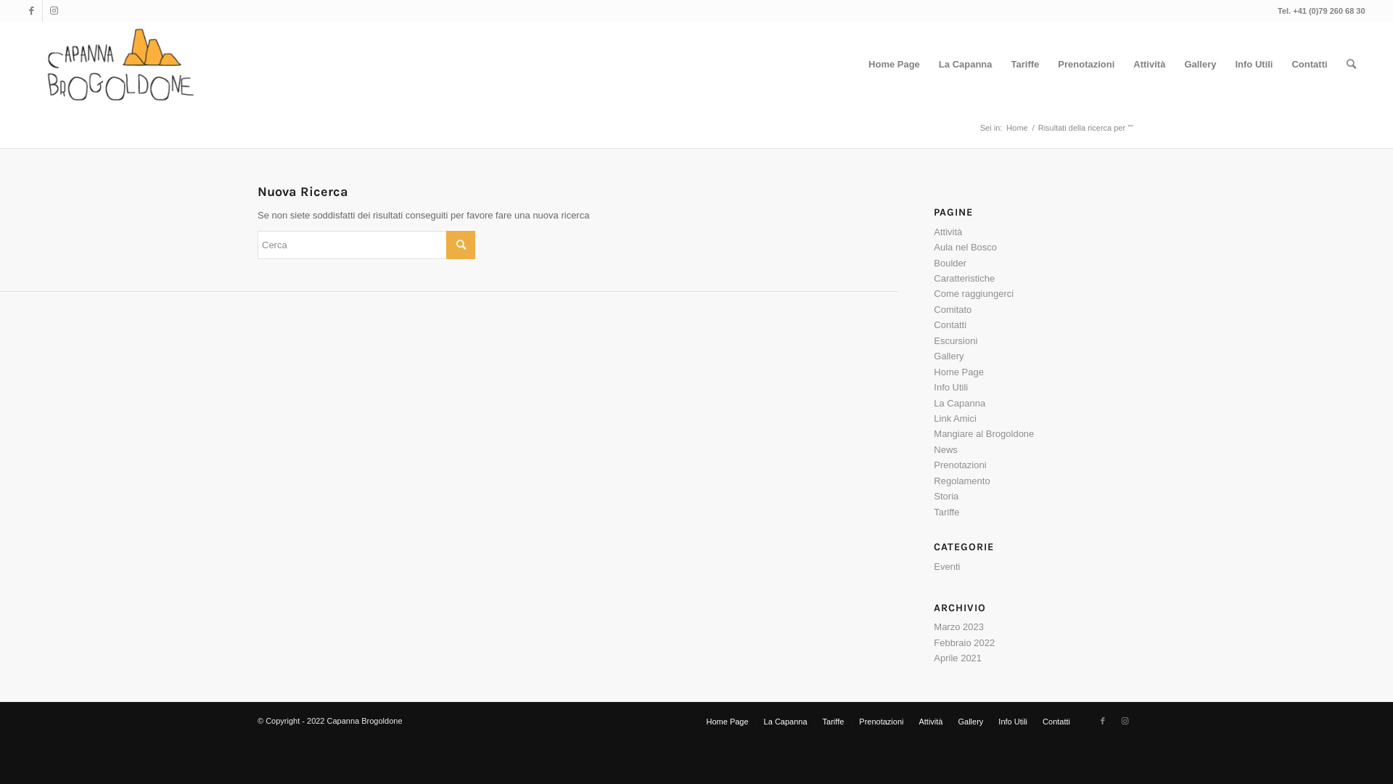 The height and width of the screenshot is (784, 1393). Describe the element at coordinates (893, 63) in the screenshot. I see `'Home Page'` at that location.